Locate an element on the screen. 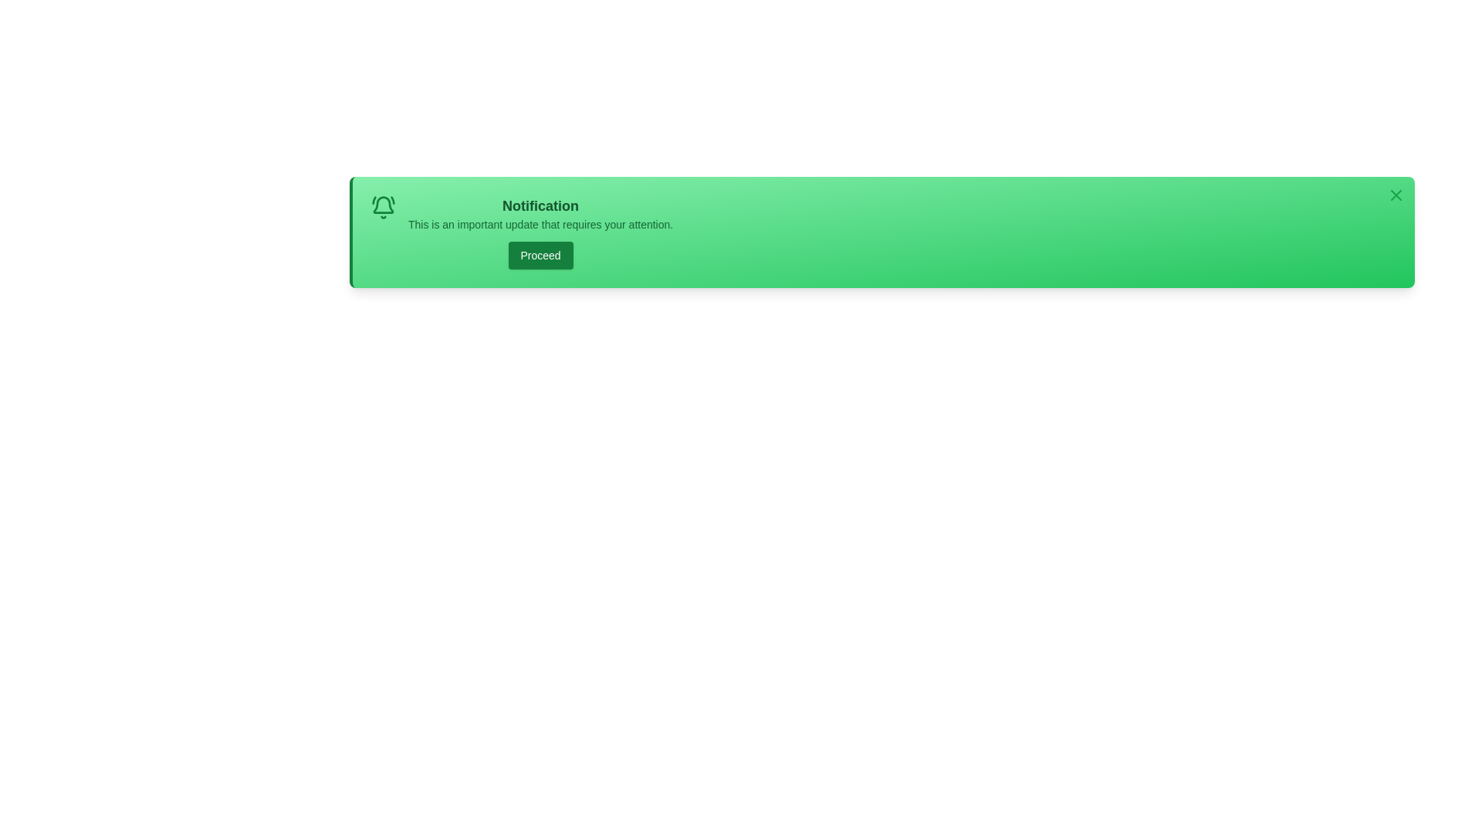 This screenshot has height=834, width=1482. the bell icon to test its accessibility is located at coordinates (384, 207).